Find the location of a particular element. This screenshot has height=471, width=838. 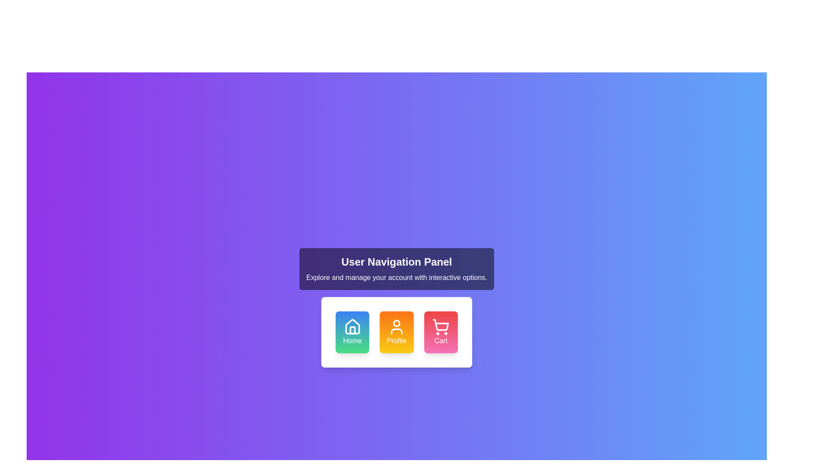

the 'Profile' text label which is displayed in white font on an orange-yellow gradient background, located below a user silhouette icon in the center card of the User Navigation Panel is located at coordinates (396, 341).